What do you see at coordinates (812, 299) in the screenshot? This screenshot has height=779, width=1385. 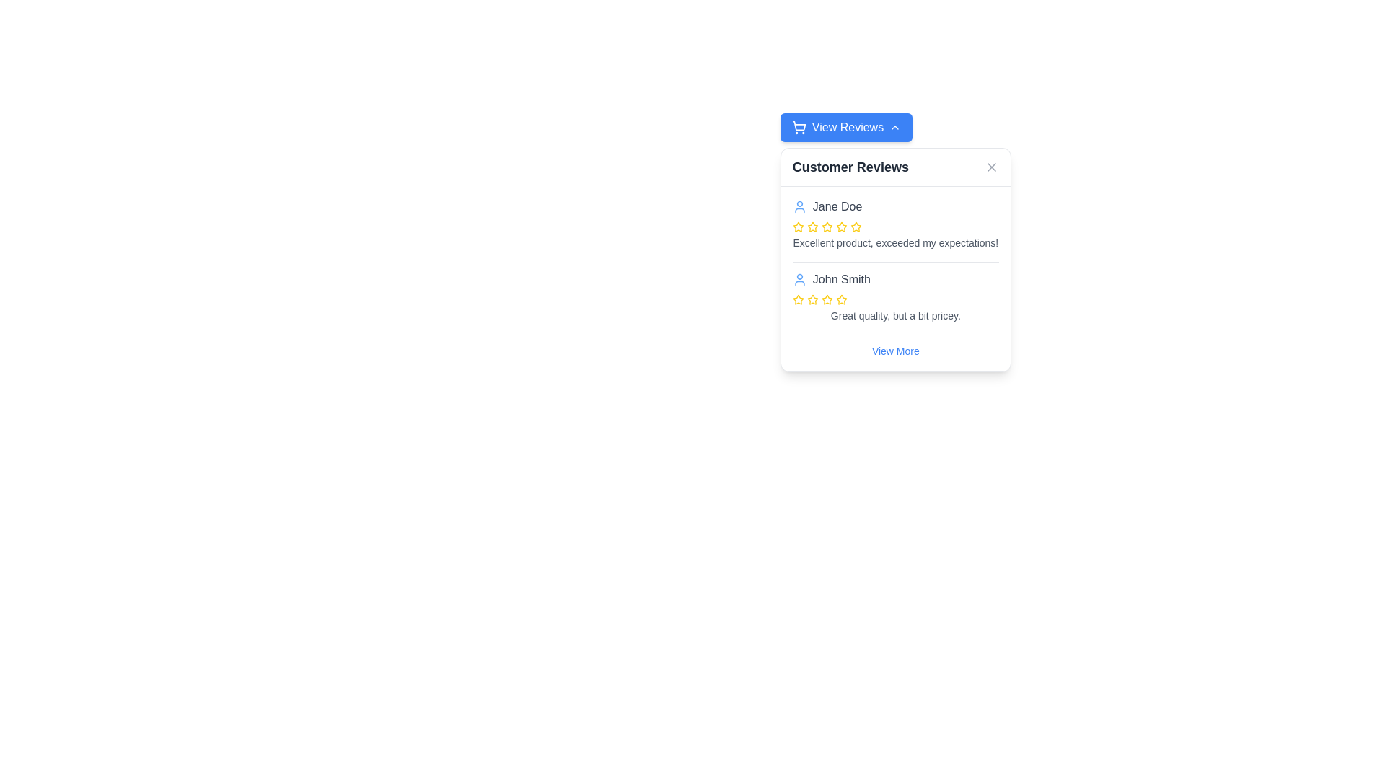 I see `the third star icon in the rating system located in the review section under the name 'John Smith'` at bounding box center [812, 299].